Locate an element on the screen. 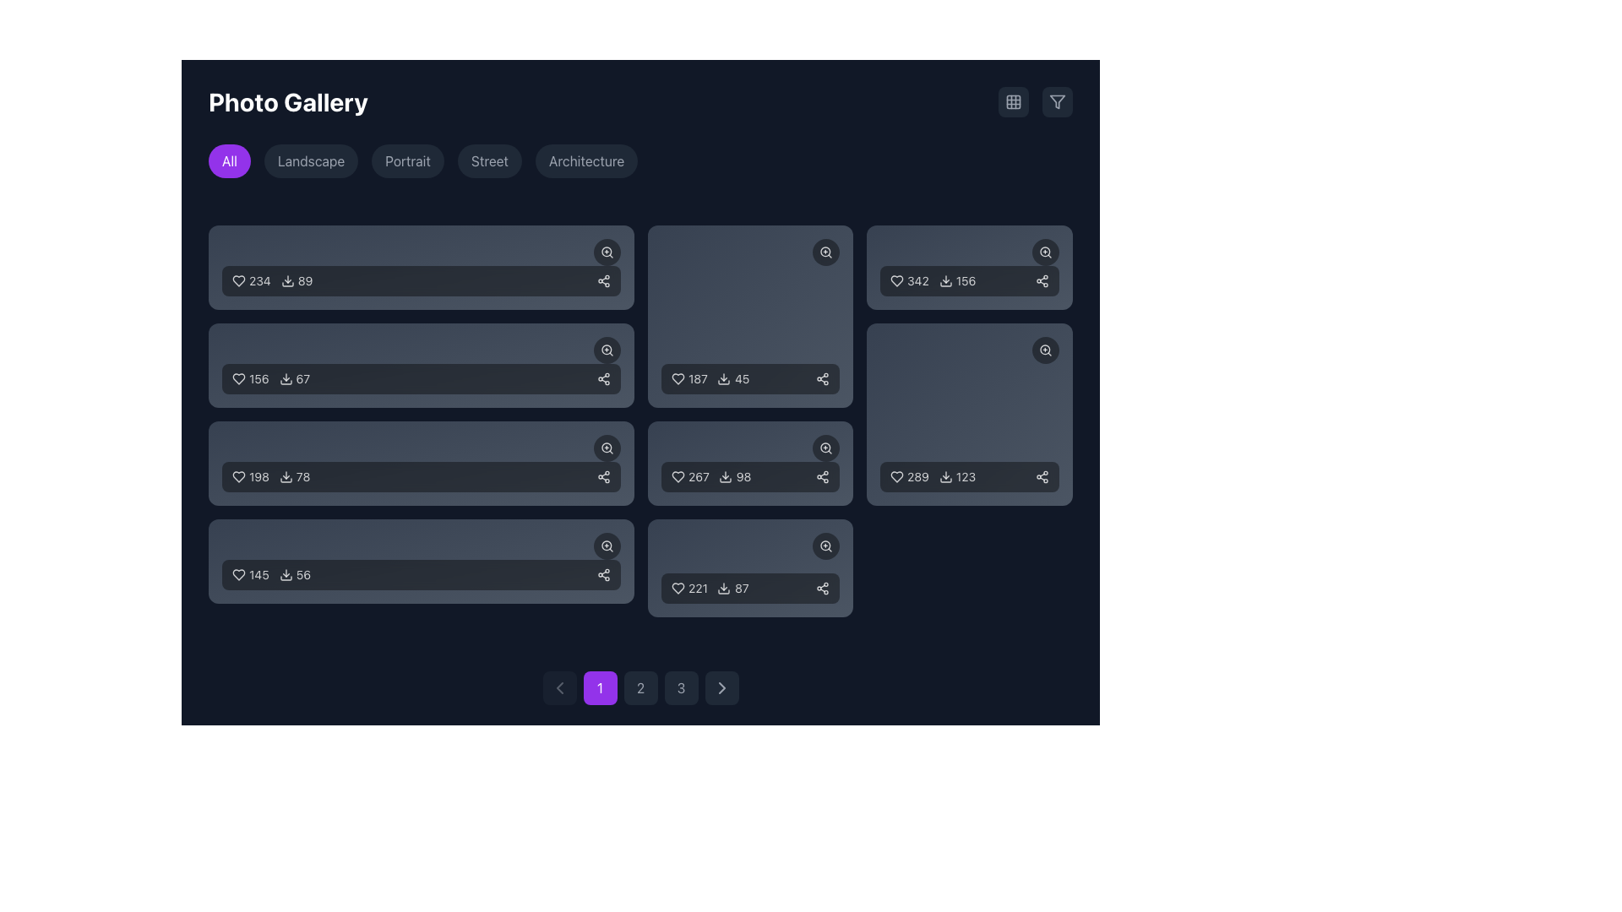 This screenshot has height=912, width=1622. the interactive count display under the heart icon that shows the number of likes, represented by the text '342' is located at coordinates (909, 280).